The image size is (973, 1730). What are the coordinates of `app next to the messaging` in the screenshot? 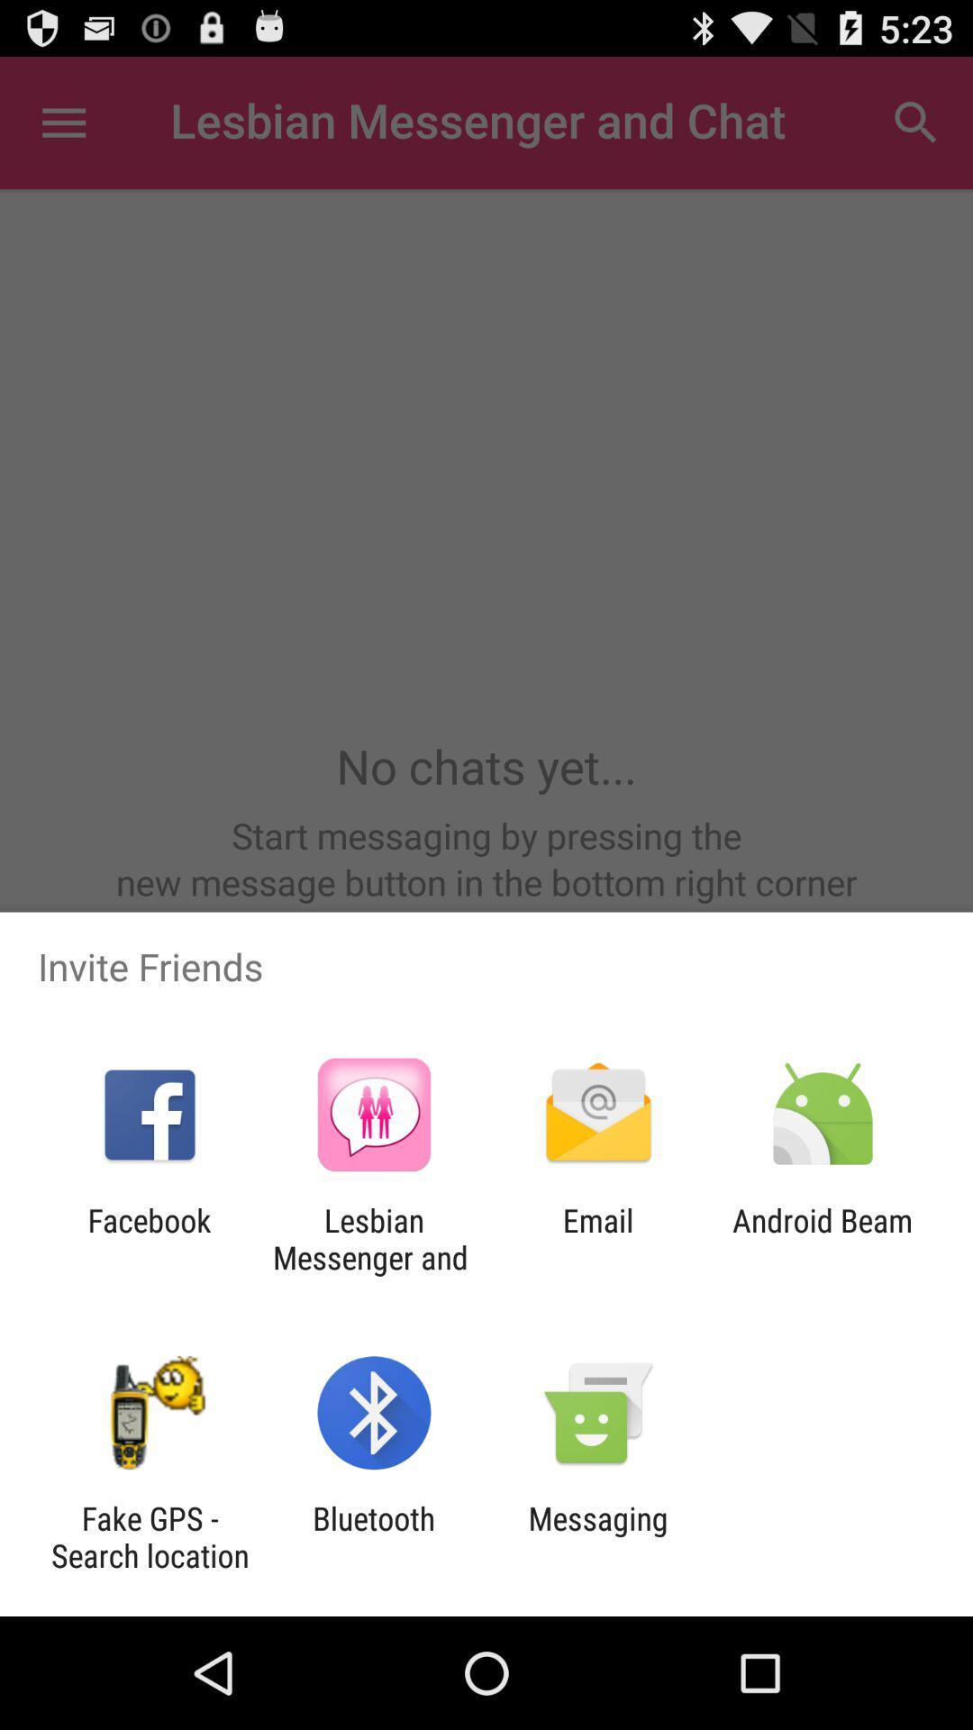 It's located at (373, 1536).